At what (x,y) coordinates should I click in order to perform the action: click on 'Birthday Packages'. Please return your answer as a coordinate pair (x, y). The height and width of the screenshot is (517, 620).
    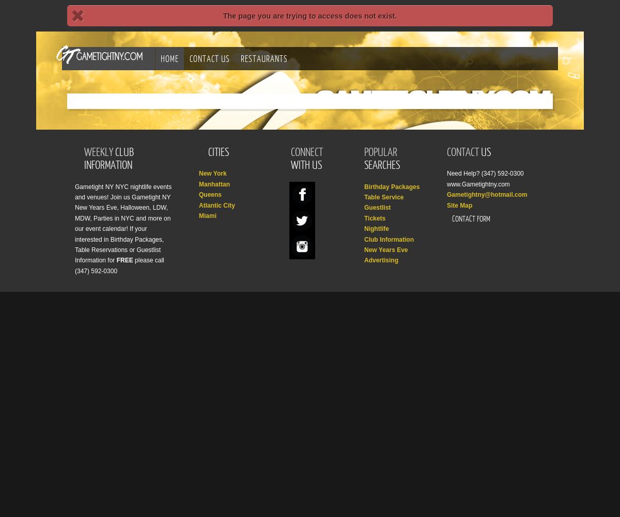
    Looking at the image, I should click on (391, 185).